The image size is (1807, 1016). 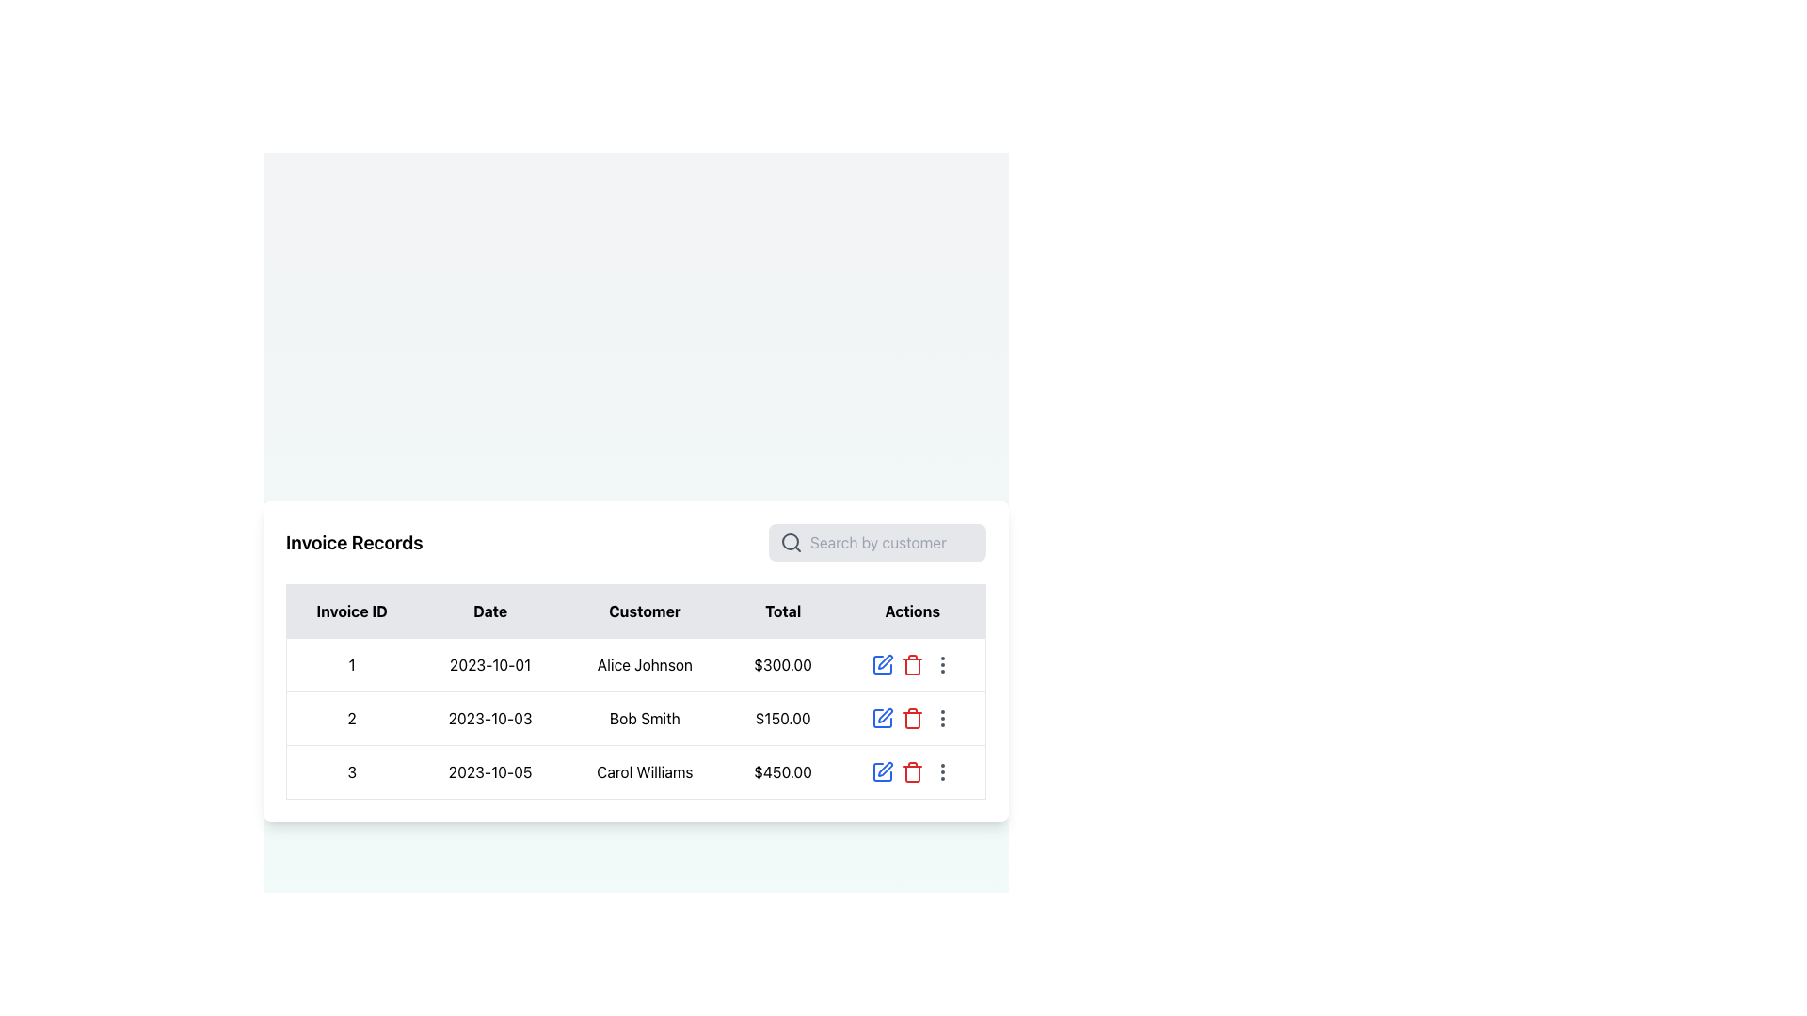 What do you see at coordinates (912, 663) in the screenshot?
I see `the red trash bin icon located in the 'Actions' column` at bounding box center [912, 663].